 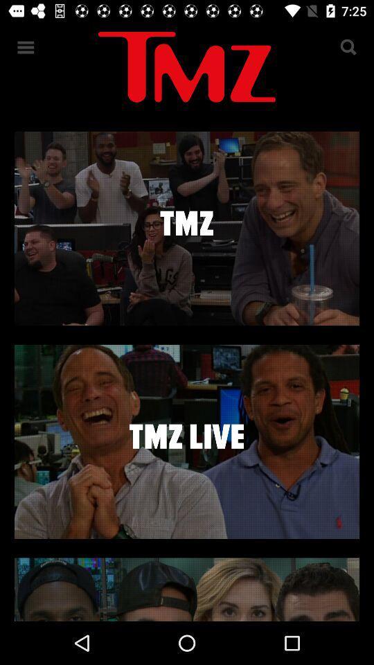 What do you see at coordinates (26, 47) in the screenshot?
I see `show menu` at bounding box center [26, 47].